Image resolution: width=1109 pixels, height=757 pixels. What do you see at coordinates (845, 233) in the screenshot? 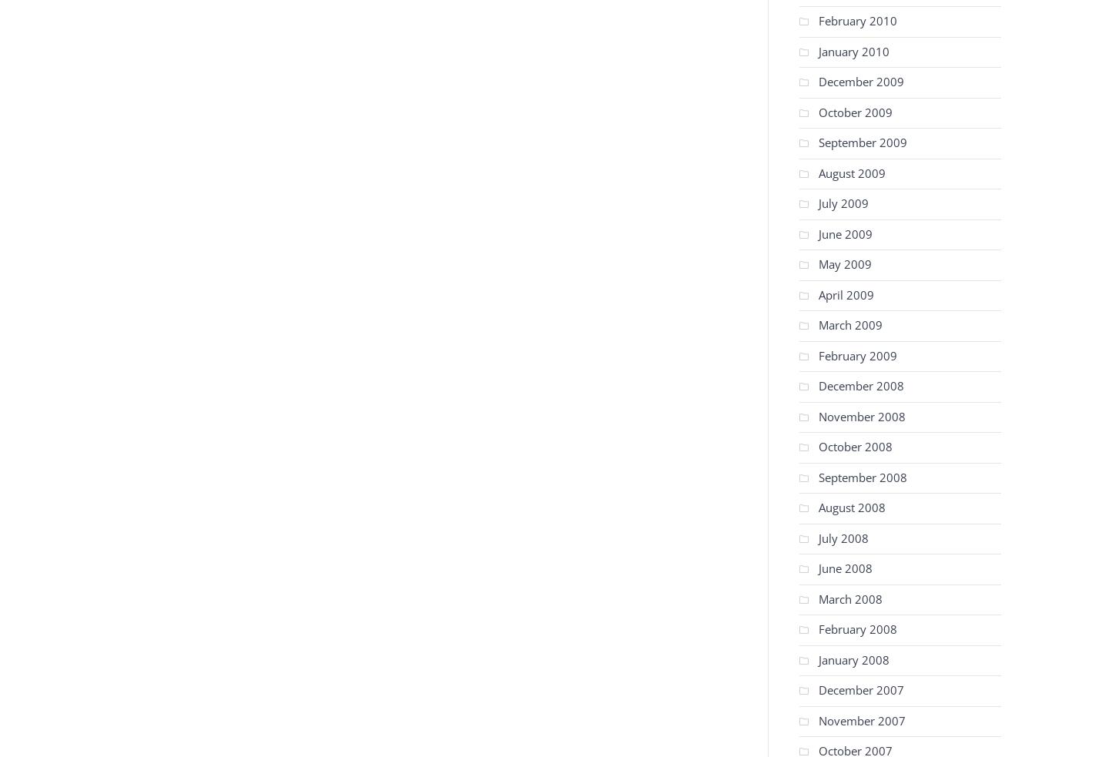
I see `'June 2009'` at bounding box center [845, 233].